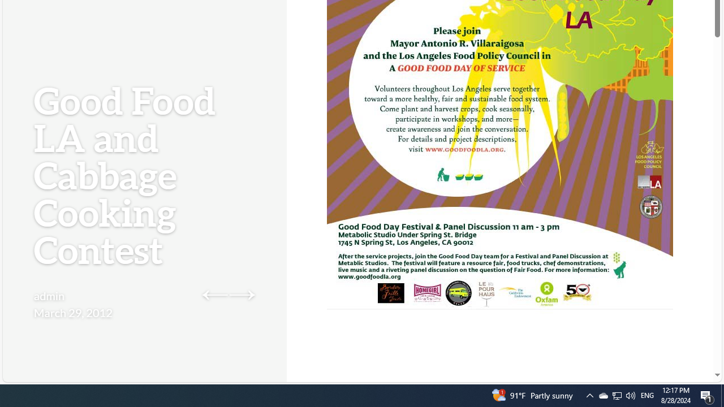  Describe the element at coordinates (72, 312) in the screenshot. I see `'March 29, 2012'` at that location.